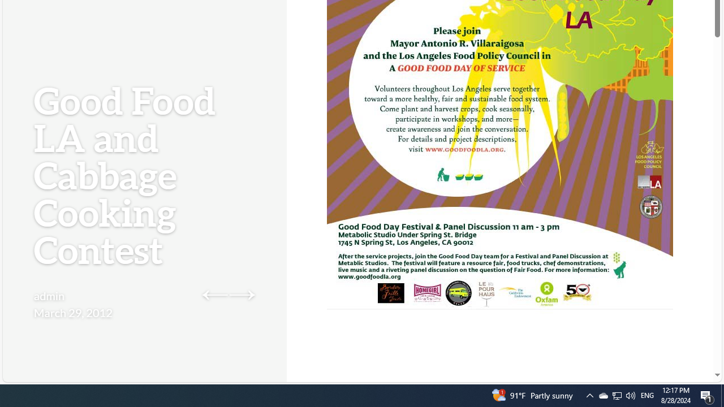  Describe the element at coordinates (72, 312) in the screenshot. I see `'March 29, 2012'` at that location.